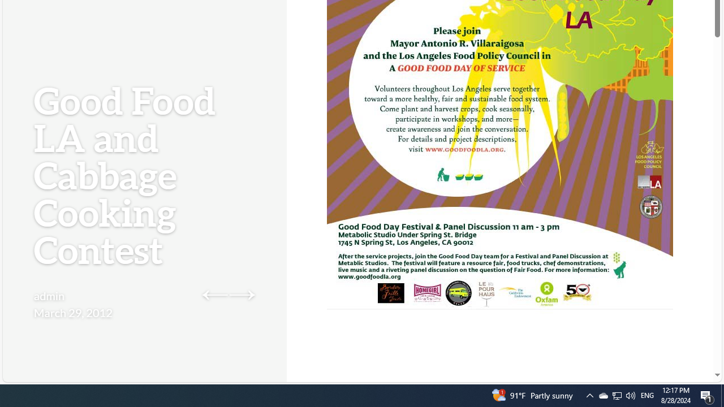  Describe the element at coordinates (72, 312) in the screenshot. I see `'March 29, 2012'` at that location.